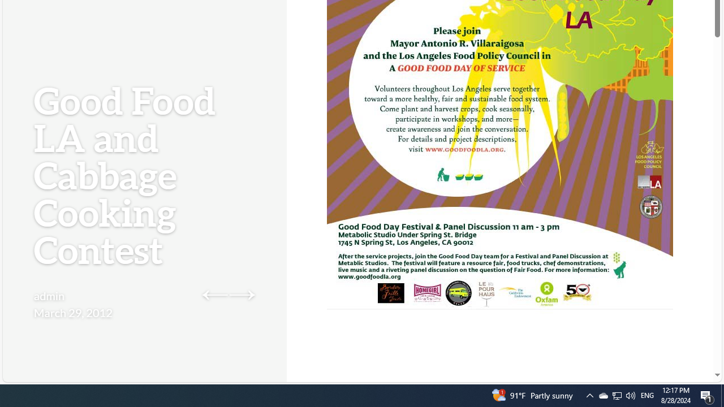  Describe the element at coordinates (72, 312) in the screenshot. I see `'March 29, 2012'` at that location.